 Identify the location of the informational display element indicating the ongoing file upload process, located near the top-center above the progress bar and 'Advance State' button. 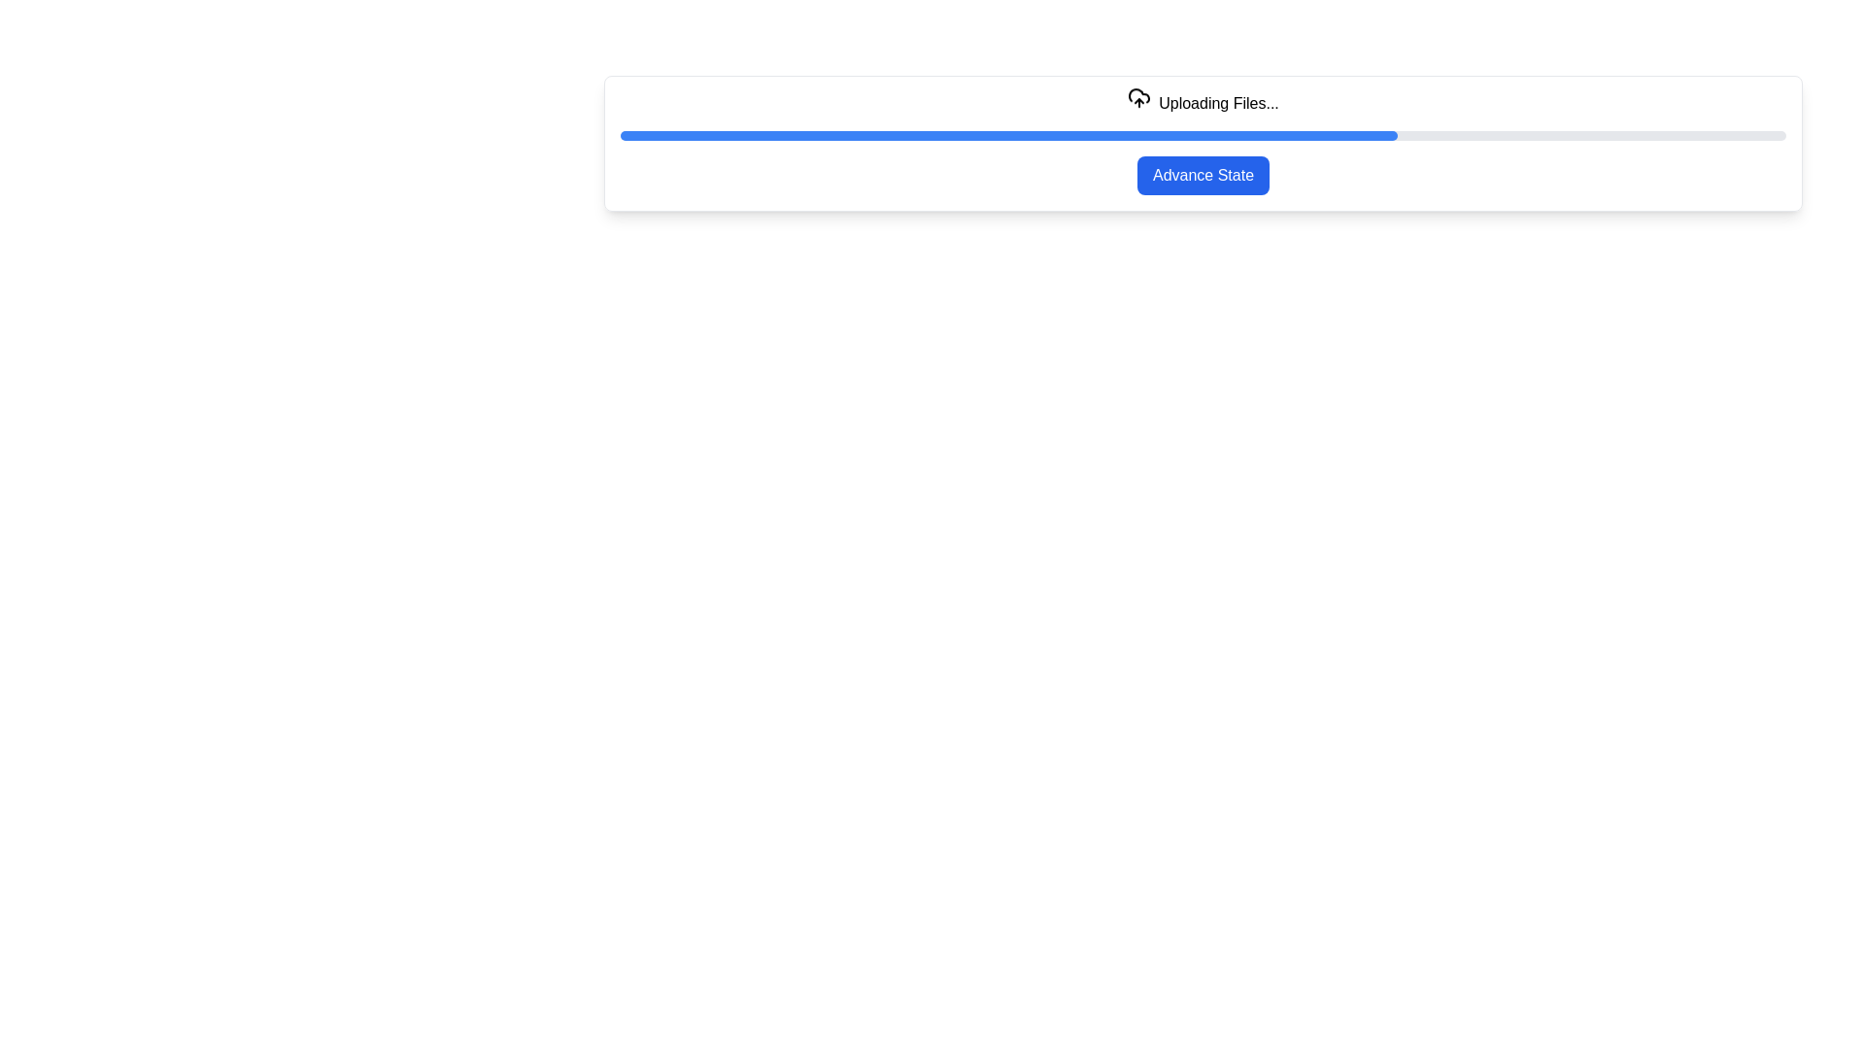
(1202, 104).